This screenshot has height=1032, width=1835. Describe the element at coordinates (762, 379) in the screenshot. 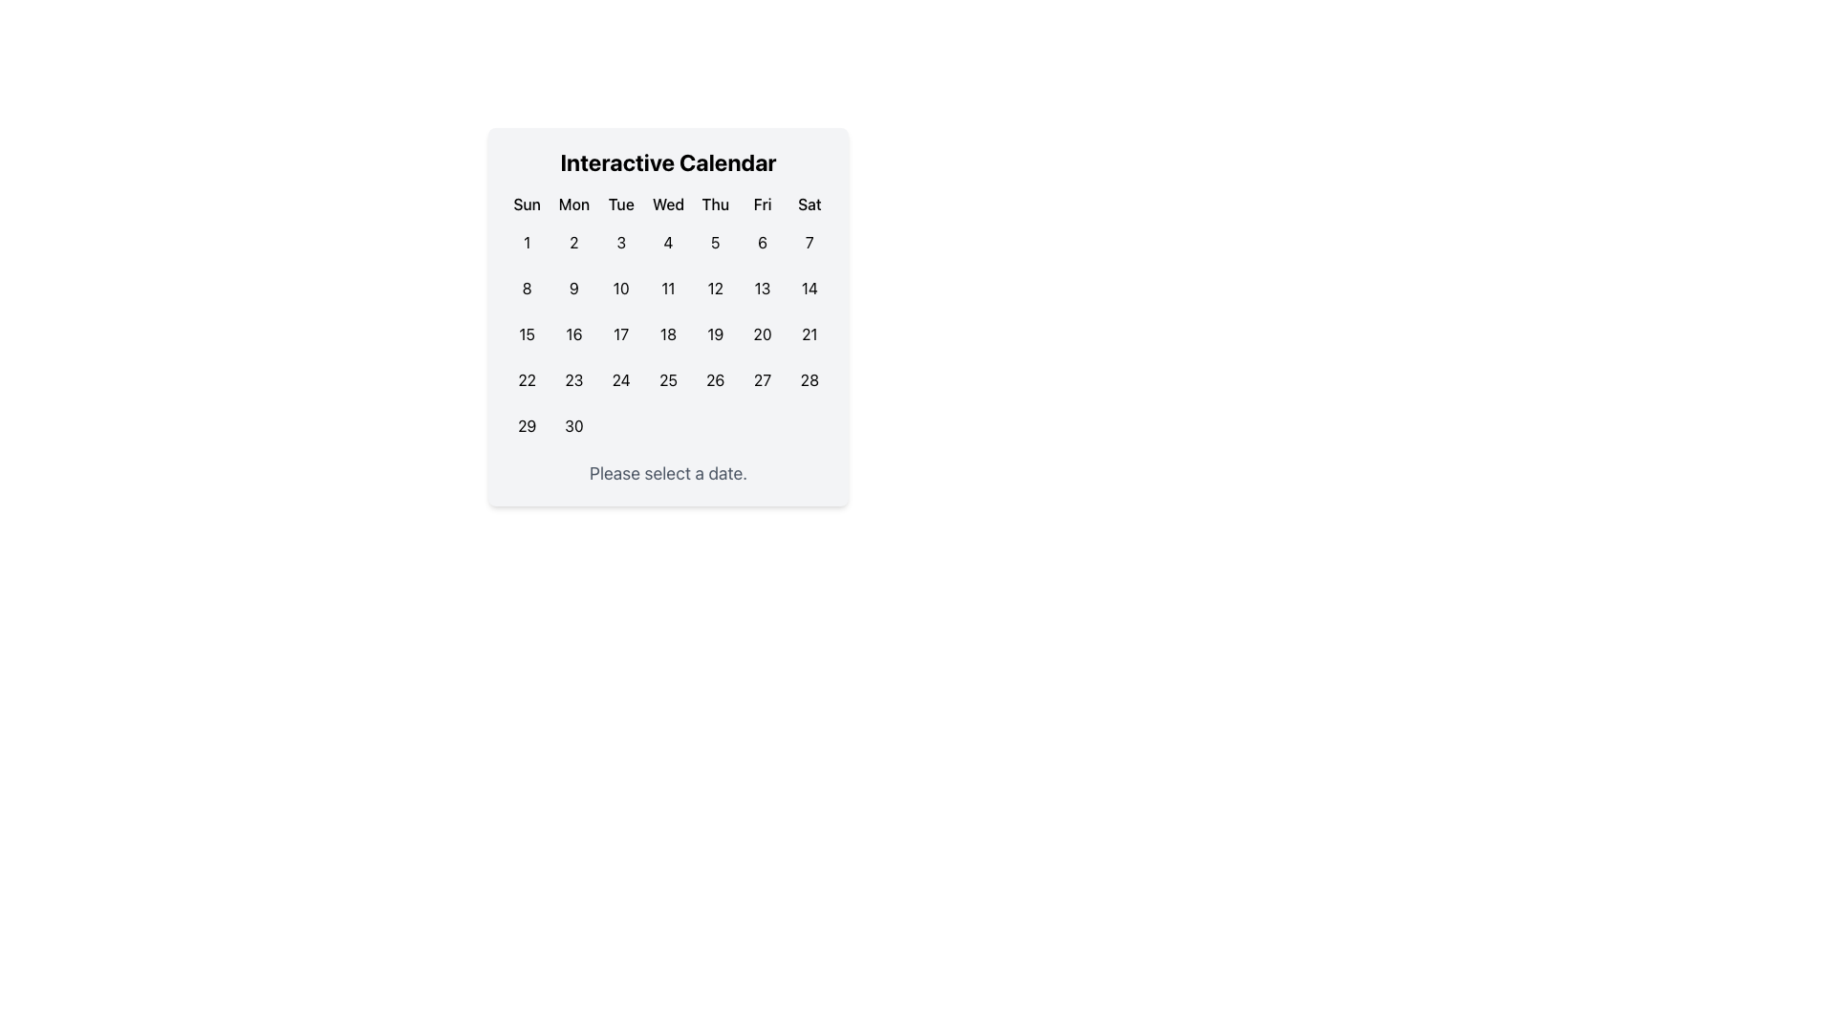

I see `on the calendar day element representing Friday in the last row of the calendar grid` at that location.